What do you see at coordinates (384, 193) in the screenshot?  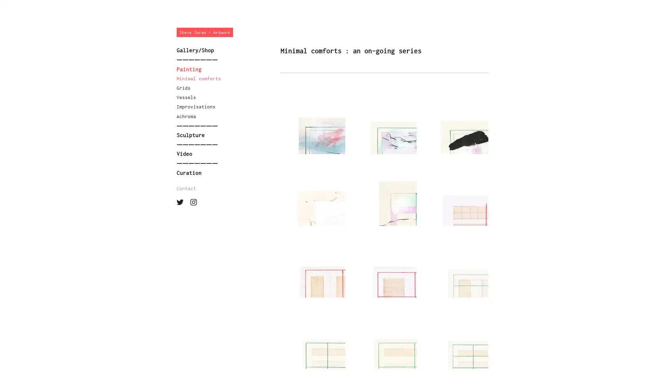 I see `View fullsize Gut feeling (05)` at bounding box center [384, 193].